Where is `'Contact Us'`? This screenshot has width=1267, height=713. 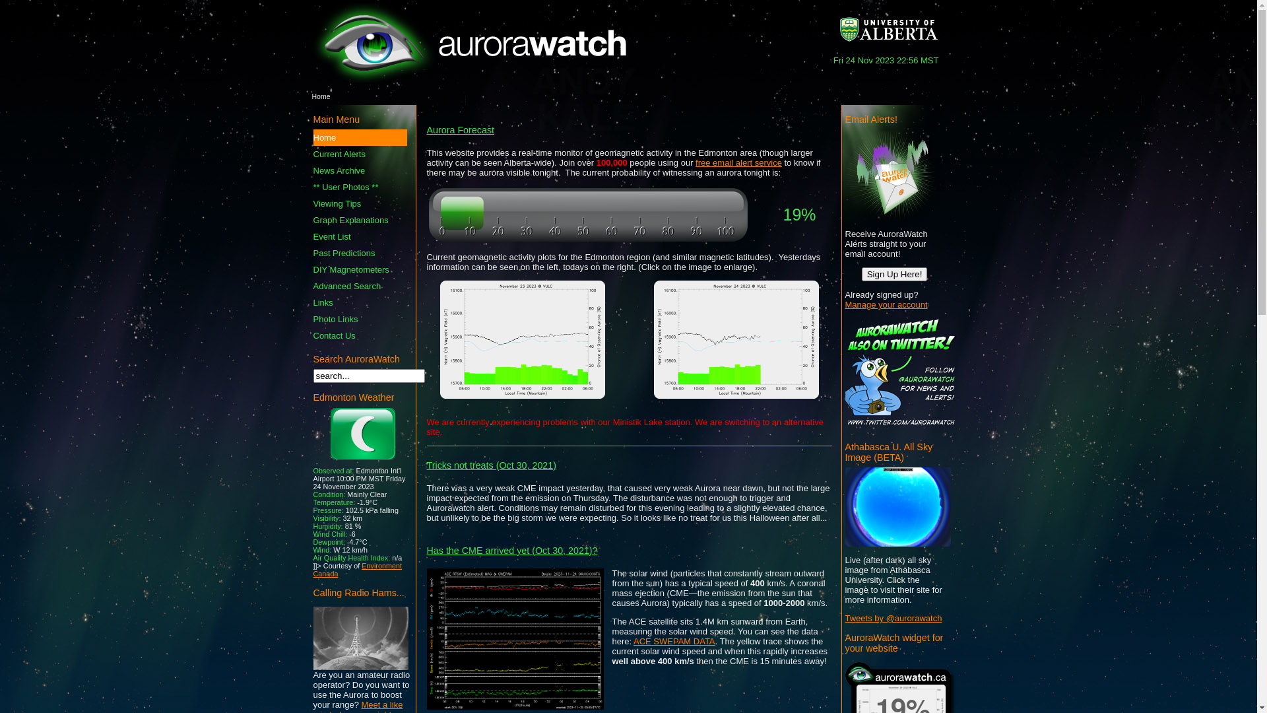
'Contact Us' is located at coordinates (360, 335).